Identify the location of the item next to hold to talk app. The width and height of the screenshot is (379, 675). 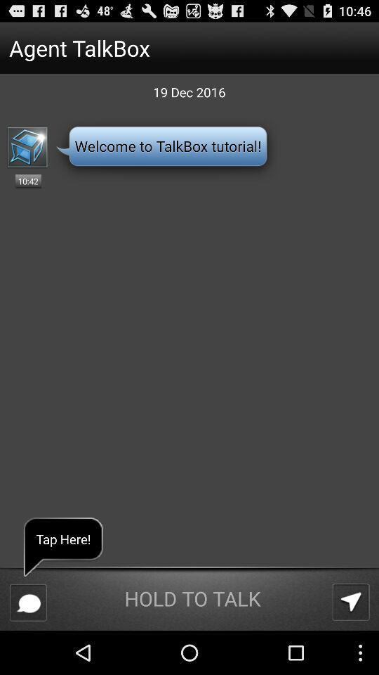
(350, 601).